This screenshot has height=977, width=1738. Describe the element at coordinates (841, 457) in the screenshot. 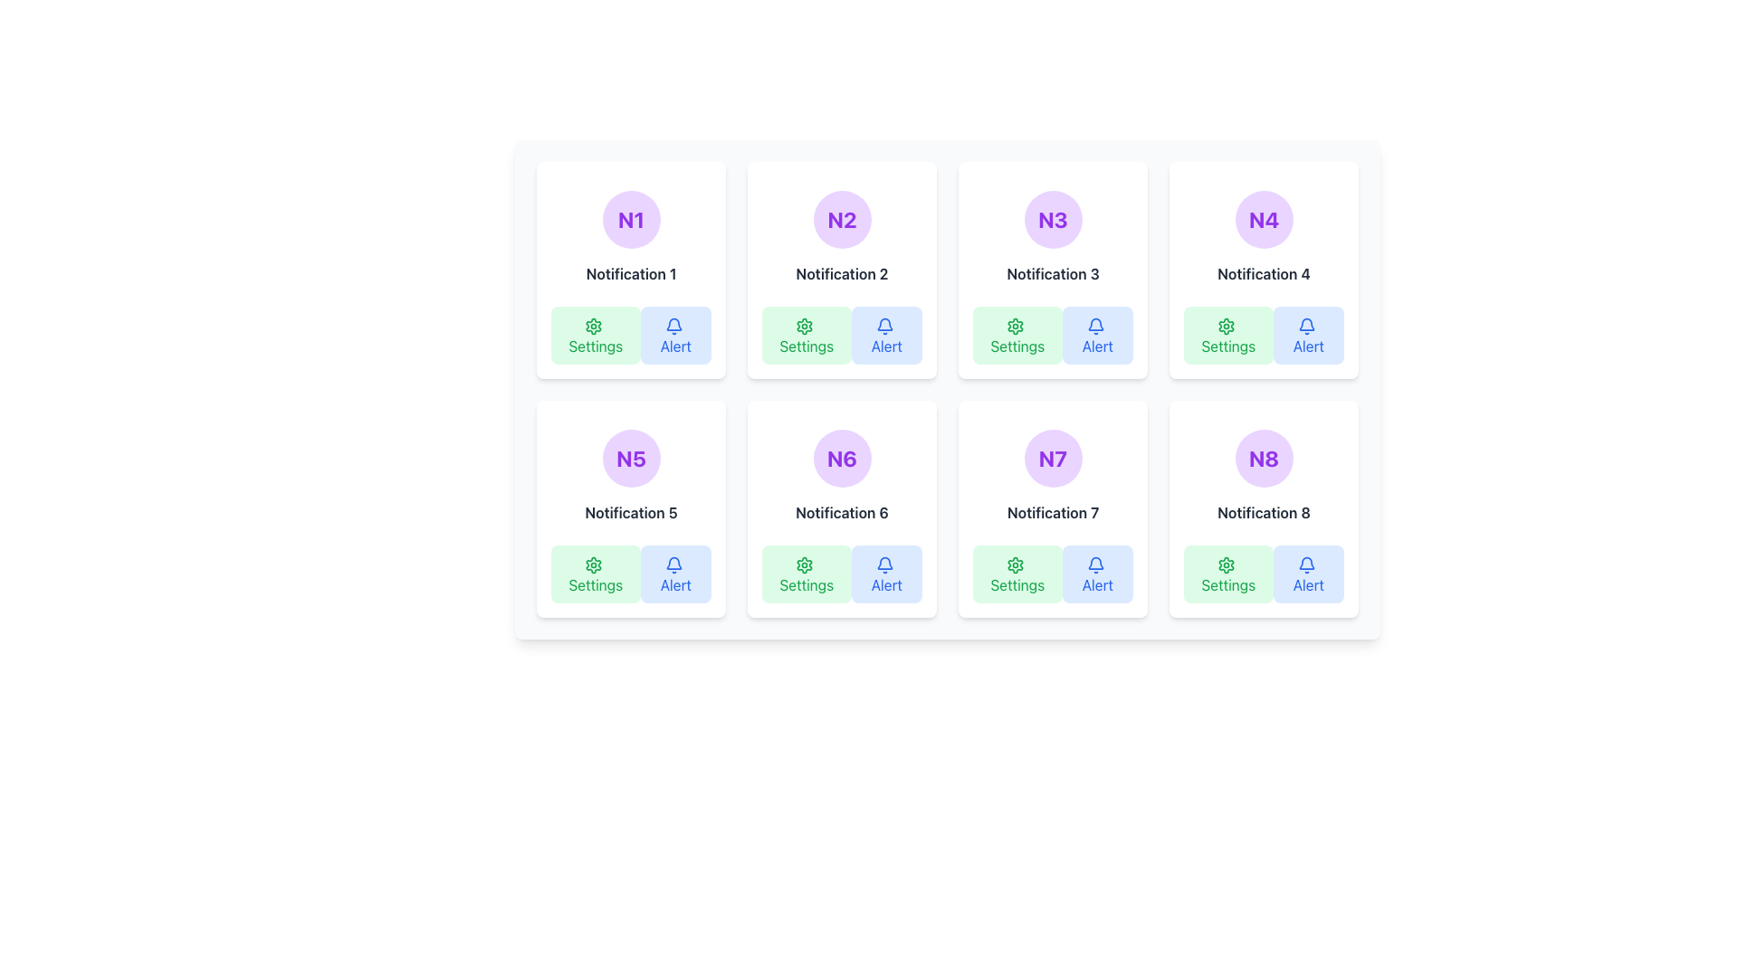

I see `the text displayed in the Text label within the circular background of the 'Notification 6' card, located in the second row and third column of the grid` at that location.